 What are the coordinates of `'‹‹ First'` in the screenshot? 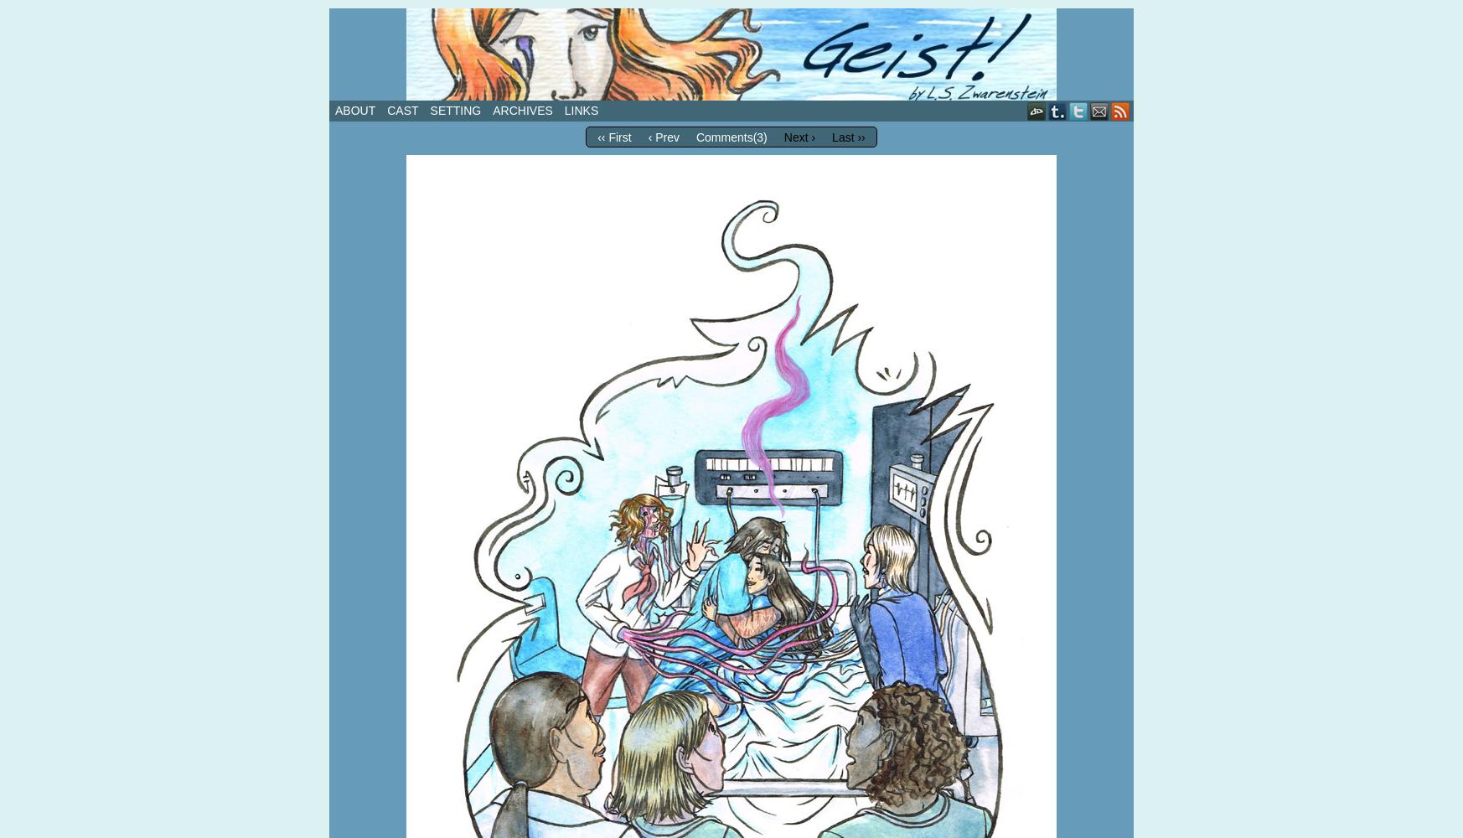 It's located at (613, 137).